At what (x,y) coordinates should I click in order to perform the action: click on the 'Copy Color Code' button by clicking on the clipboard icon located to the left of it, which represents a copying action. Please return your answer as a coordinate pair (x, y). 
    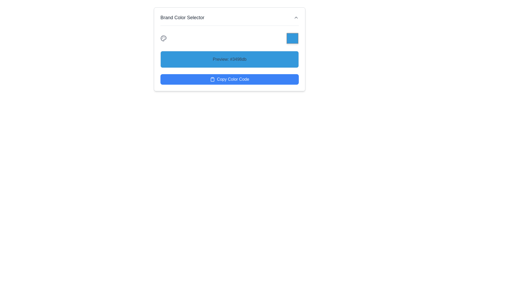
    Looking at the image, I should click on (212, 79).